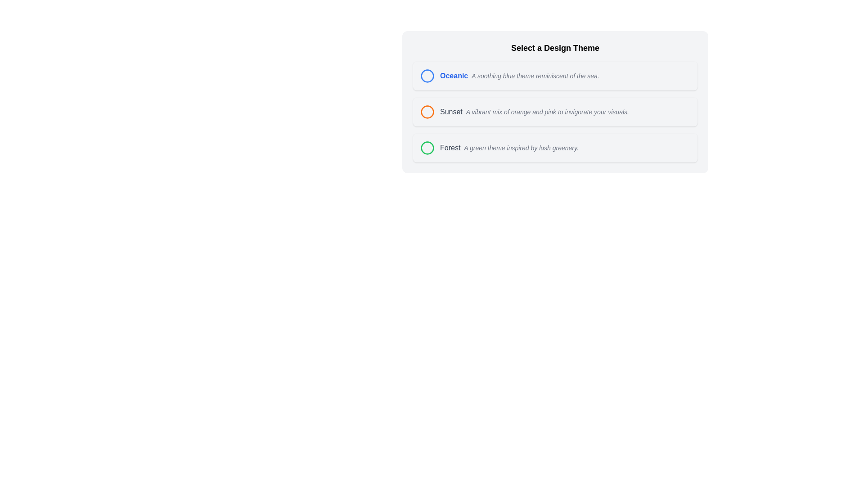  I want to click on the green circular theme toggle icon located to the left of the 'Forest' label in the third row, so click(427, 147).